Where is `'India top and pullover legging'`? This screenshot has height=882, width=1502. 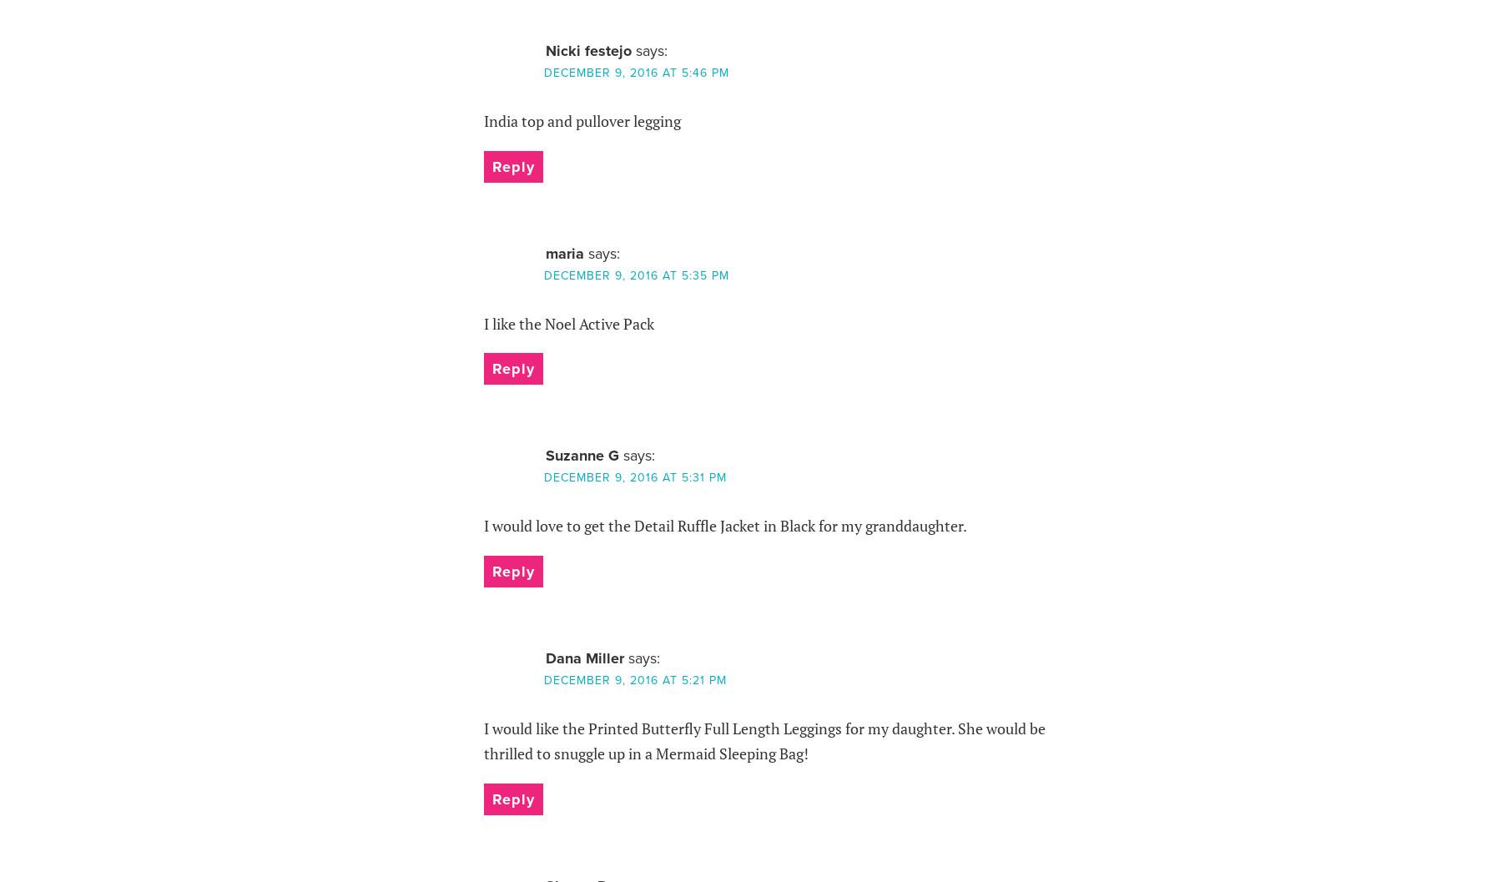
'India top and pullover legging' is located at coordinates (580, 120).